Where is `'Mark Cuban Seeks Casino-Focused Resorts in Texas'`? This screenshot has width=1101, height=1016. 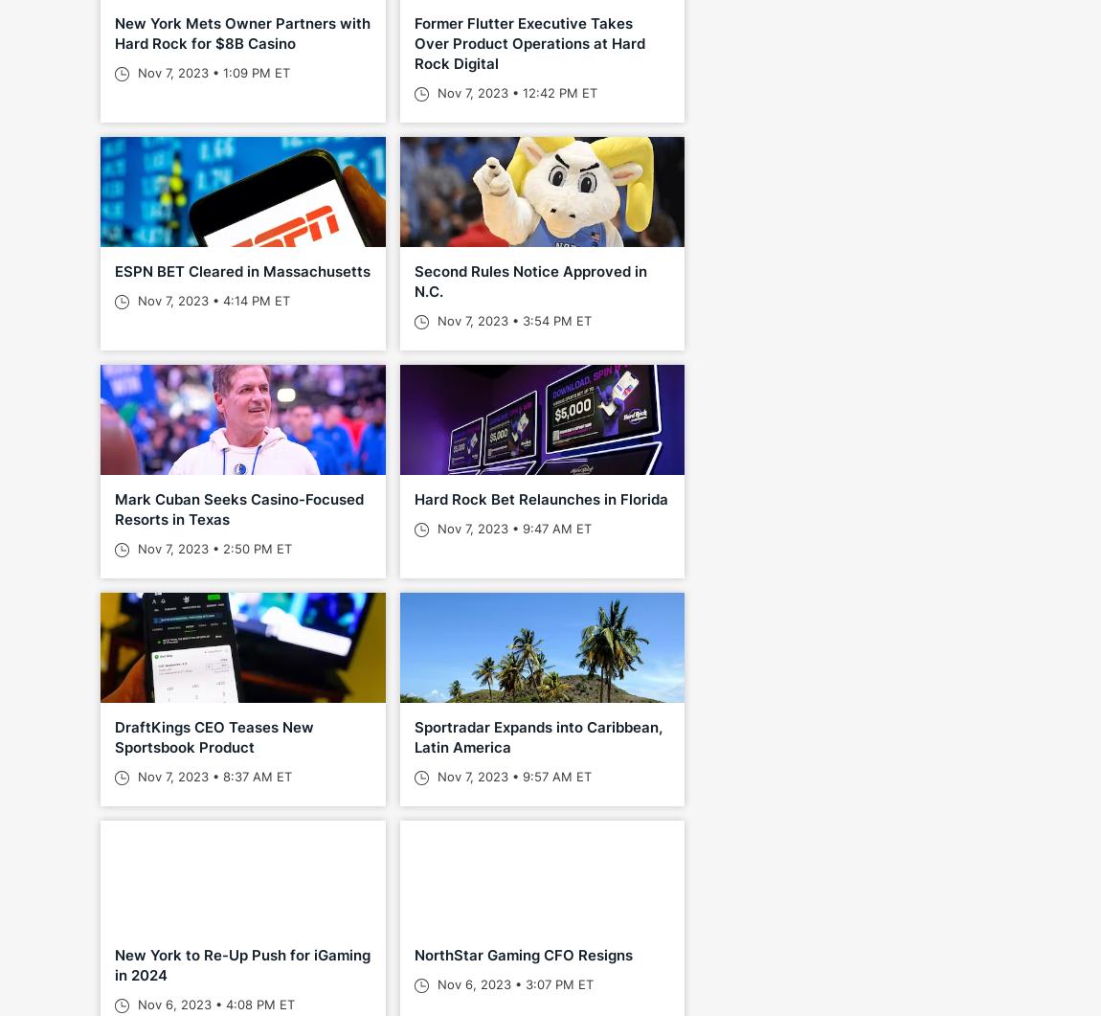
'Mark Cuban Seeks Casino-Focused Resorts in Texas' is located at coordinates (238, 508).